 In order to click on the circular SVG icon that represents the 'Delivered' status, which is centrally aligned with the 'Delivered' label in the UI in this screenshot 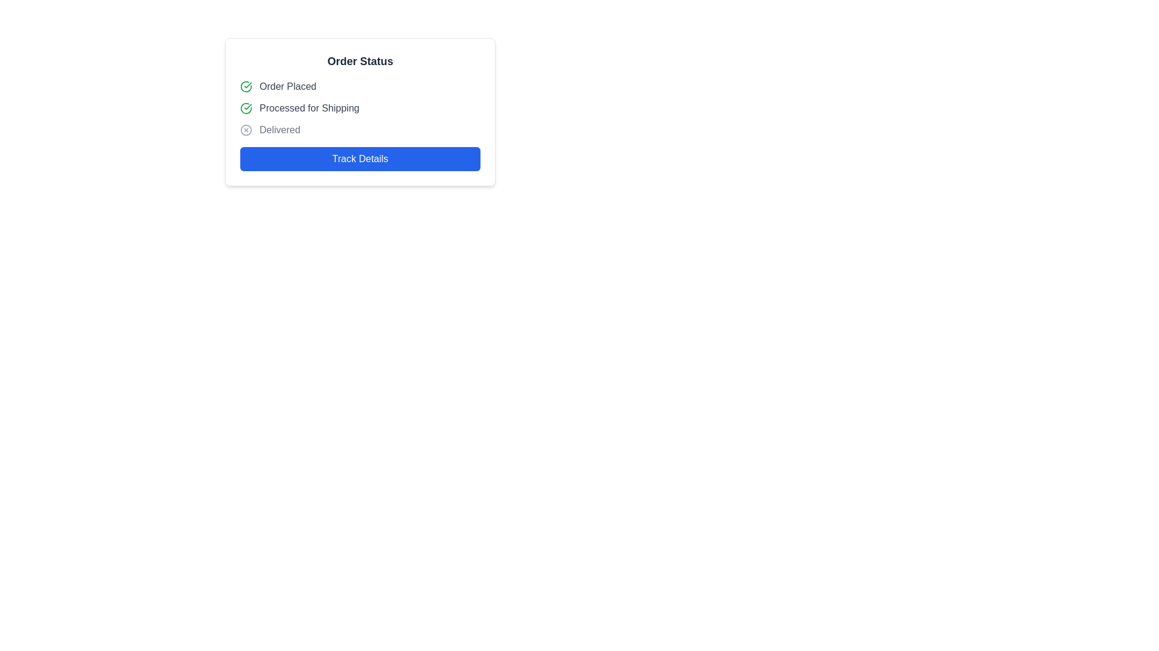, I will do `click(246, 130)`.